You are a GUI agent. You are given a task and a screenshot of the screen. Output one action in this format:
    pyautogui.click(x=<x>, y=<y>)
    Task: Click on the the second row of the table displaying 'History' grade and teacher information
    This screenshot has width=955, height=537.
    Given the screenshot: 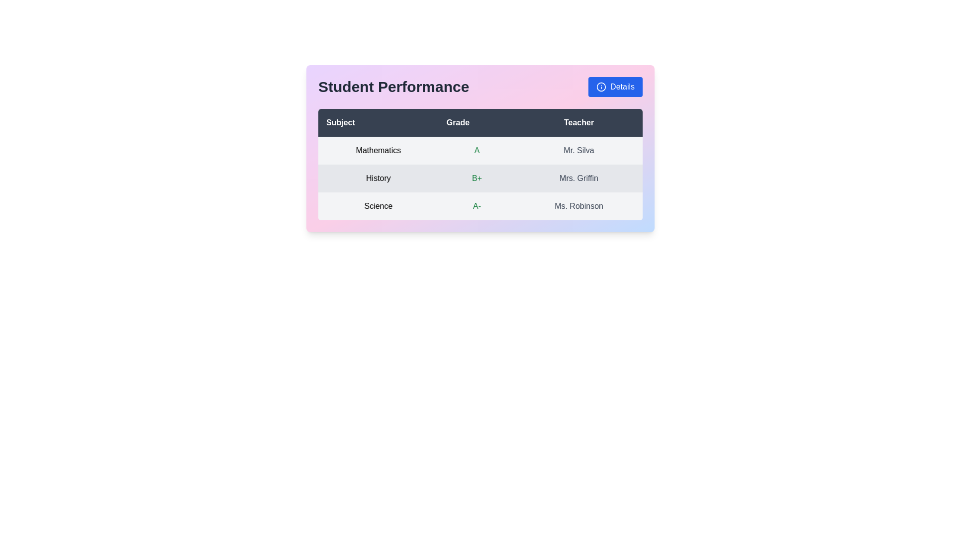 What is the action you would take?
    pyautogui.click(x=480, y=178)
    